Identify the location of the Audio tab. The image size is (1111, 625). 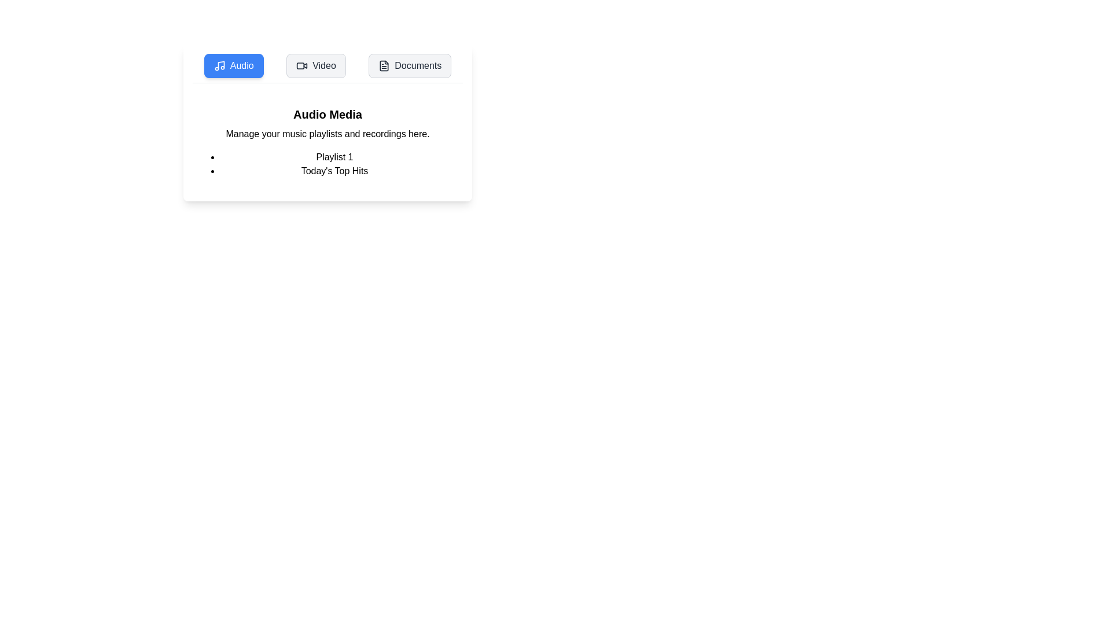
(233, 66).